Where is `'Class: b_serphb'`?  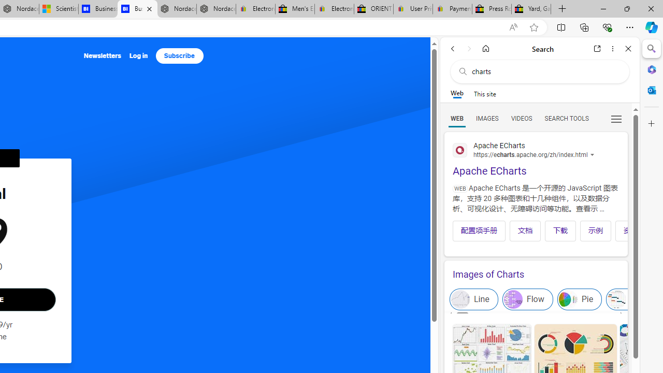
'Class: b_serphb' is located at coordinates (616, 119).